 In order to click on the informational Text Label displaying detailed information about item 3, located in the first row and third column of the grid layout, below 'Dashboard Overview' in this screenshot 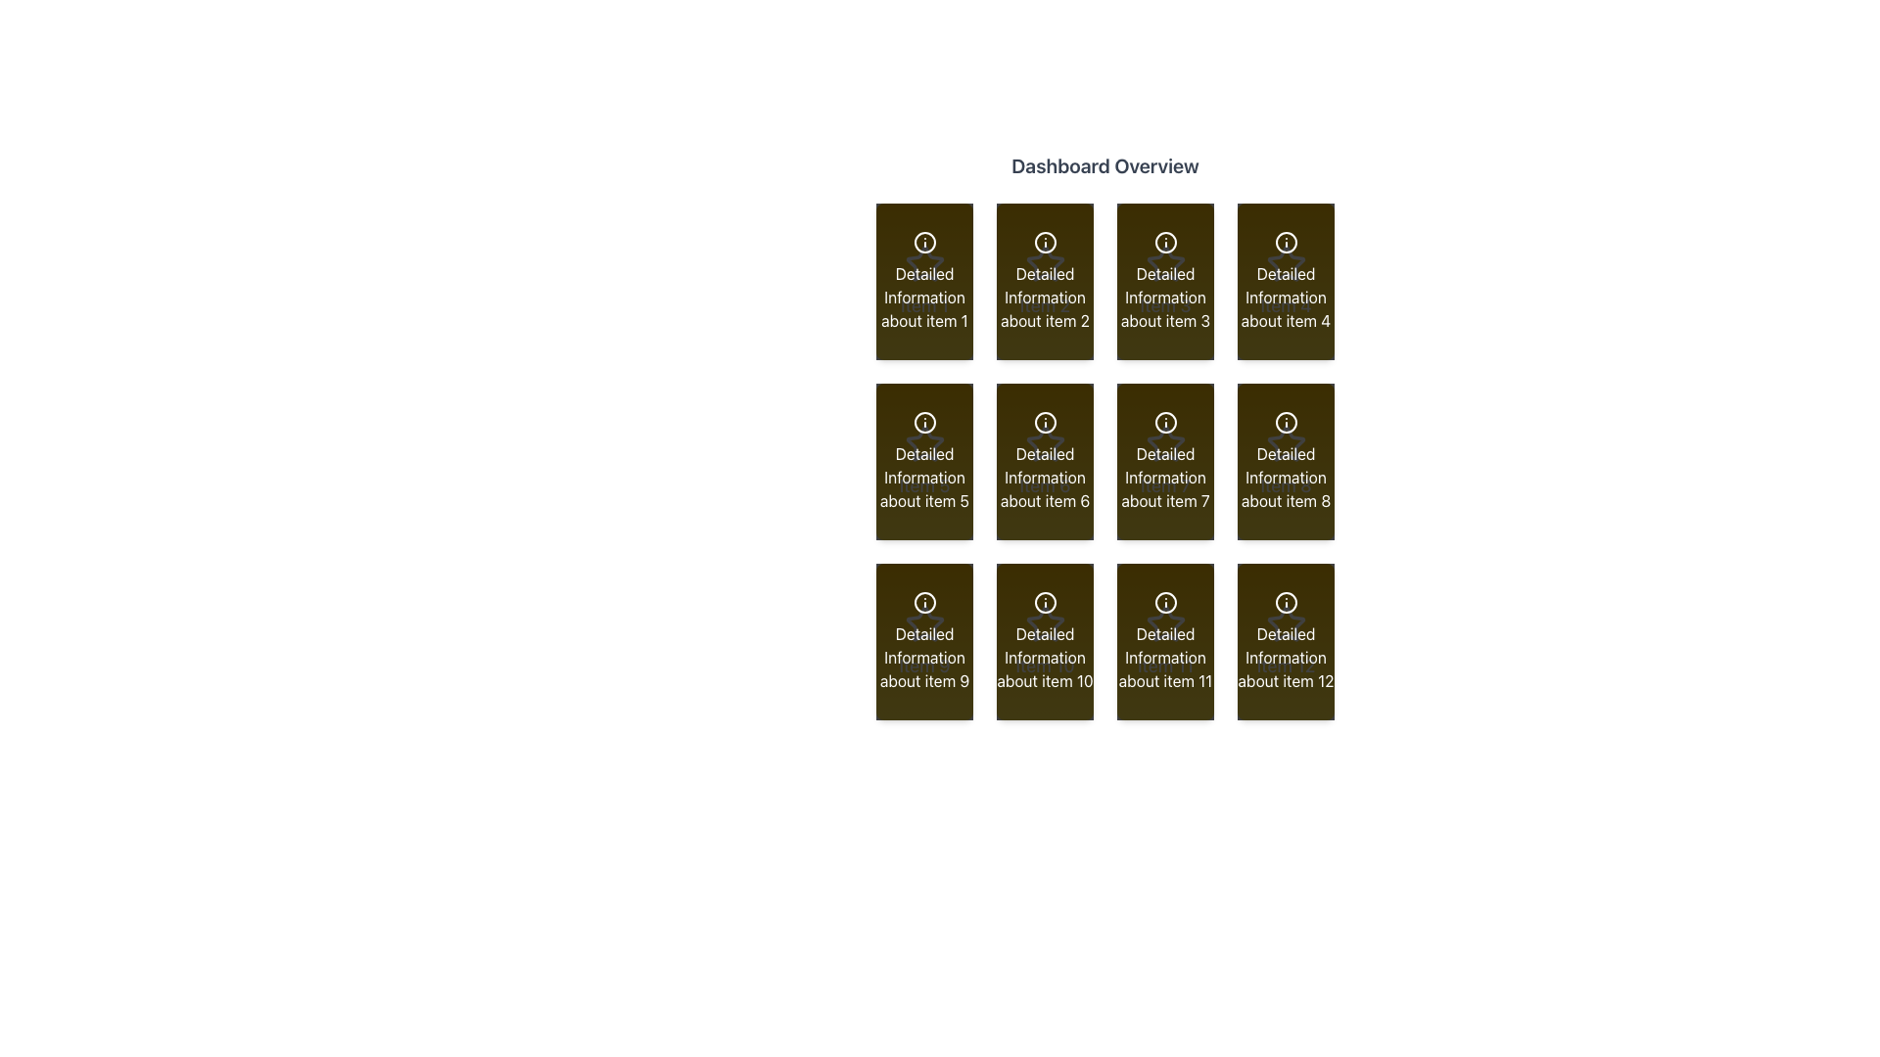, I will do `click(1165, 298)`.